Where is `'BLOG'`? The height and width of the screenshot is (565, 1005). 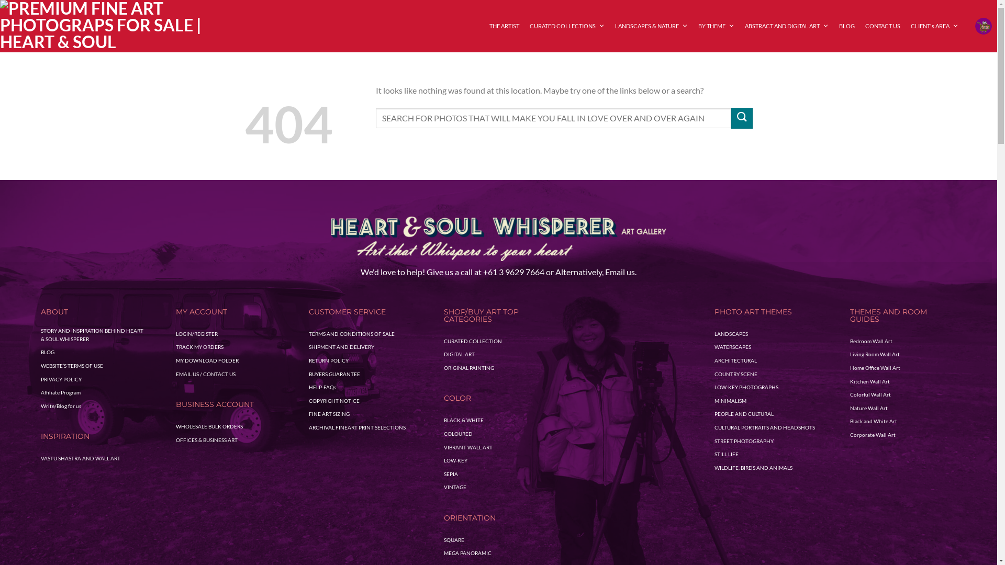 'BLOG' is located at coordinates (846, 26).